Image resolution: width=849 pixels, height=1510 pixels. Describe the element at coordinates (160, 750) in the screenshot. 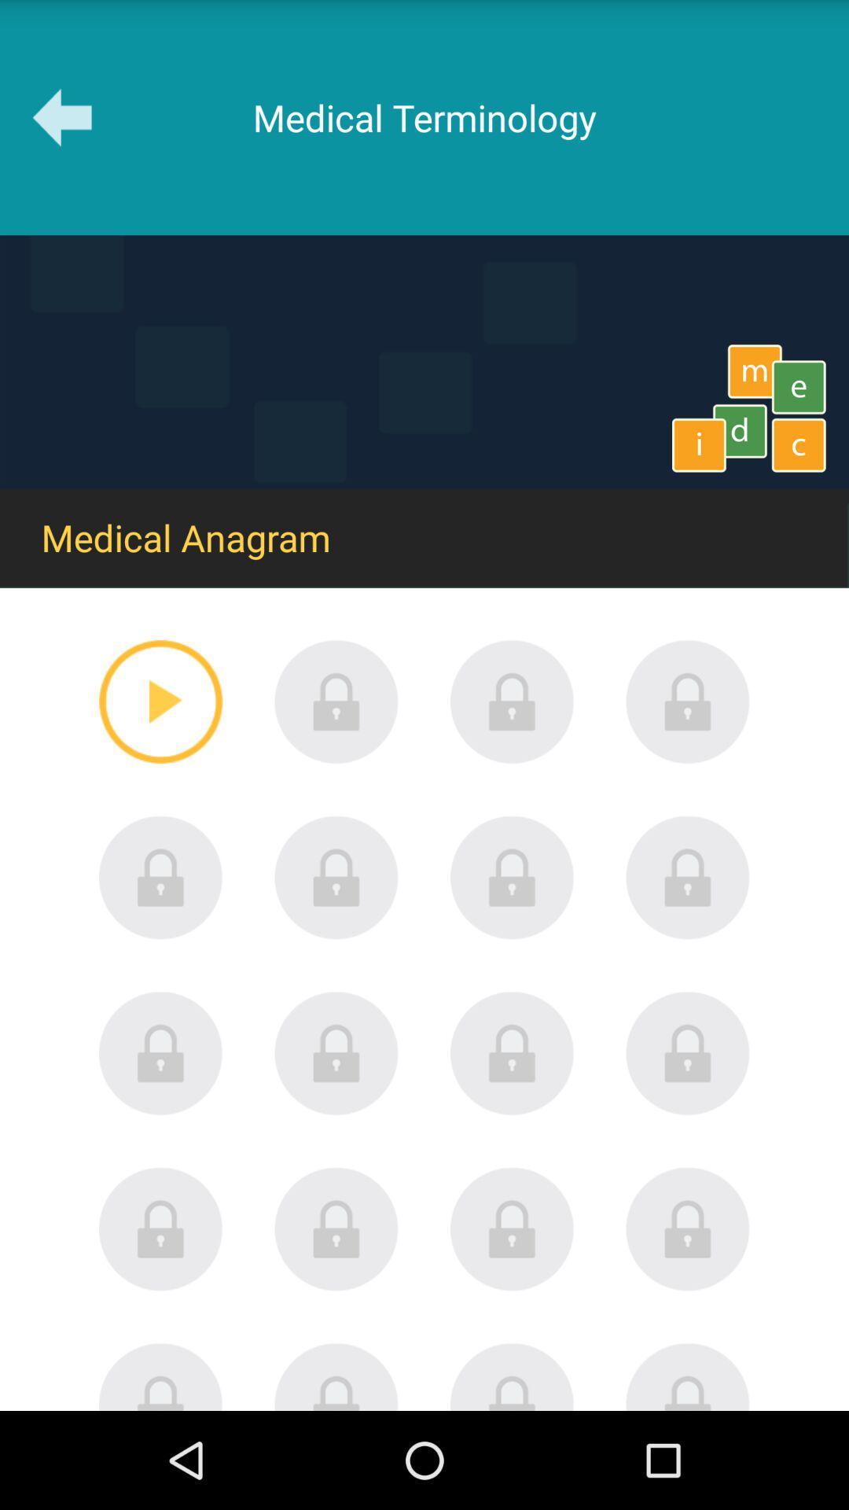

I see `the play icon` at that location.